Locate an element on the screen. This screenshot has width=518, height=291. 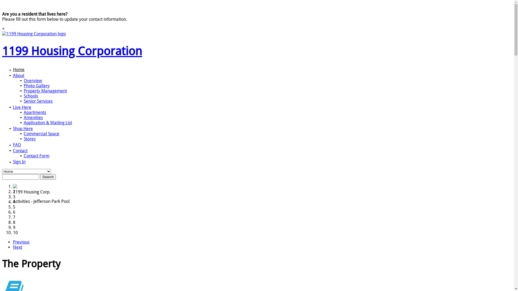
'Previous' is located at coordinates (21, 242).